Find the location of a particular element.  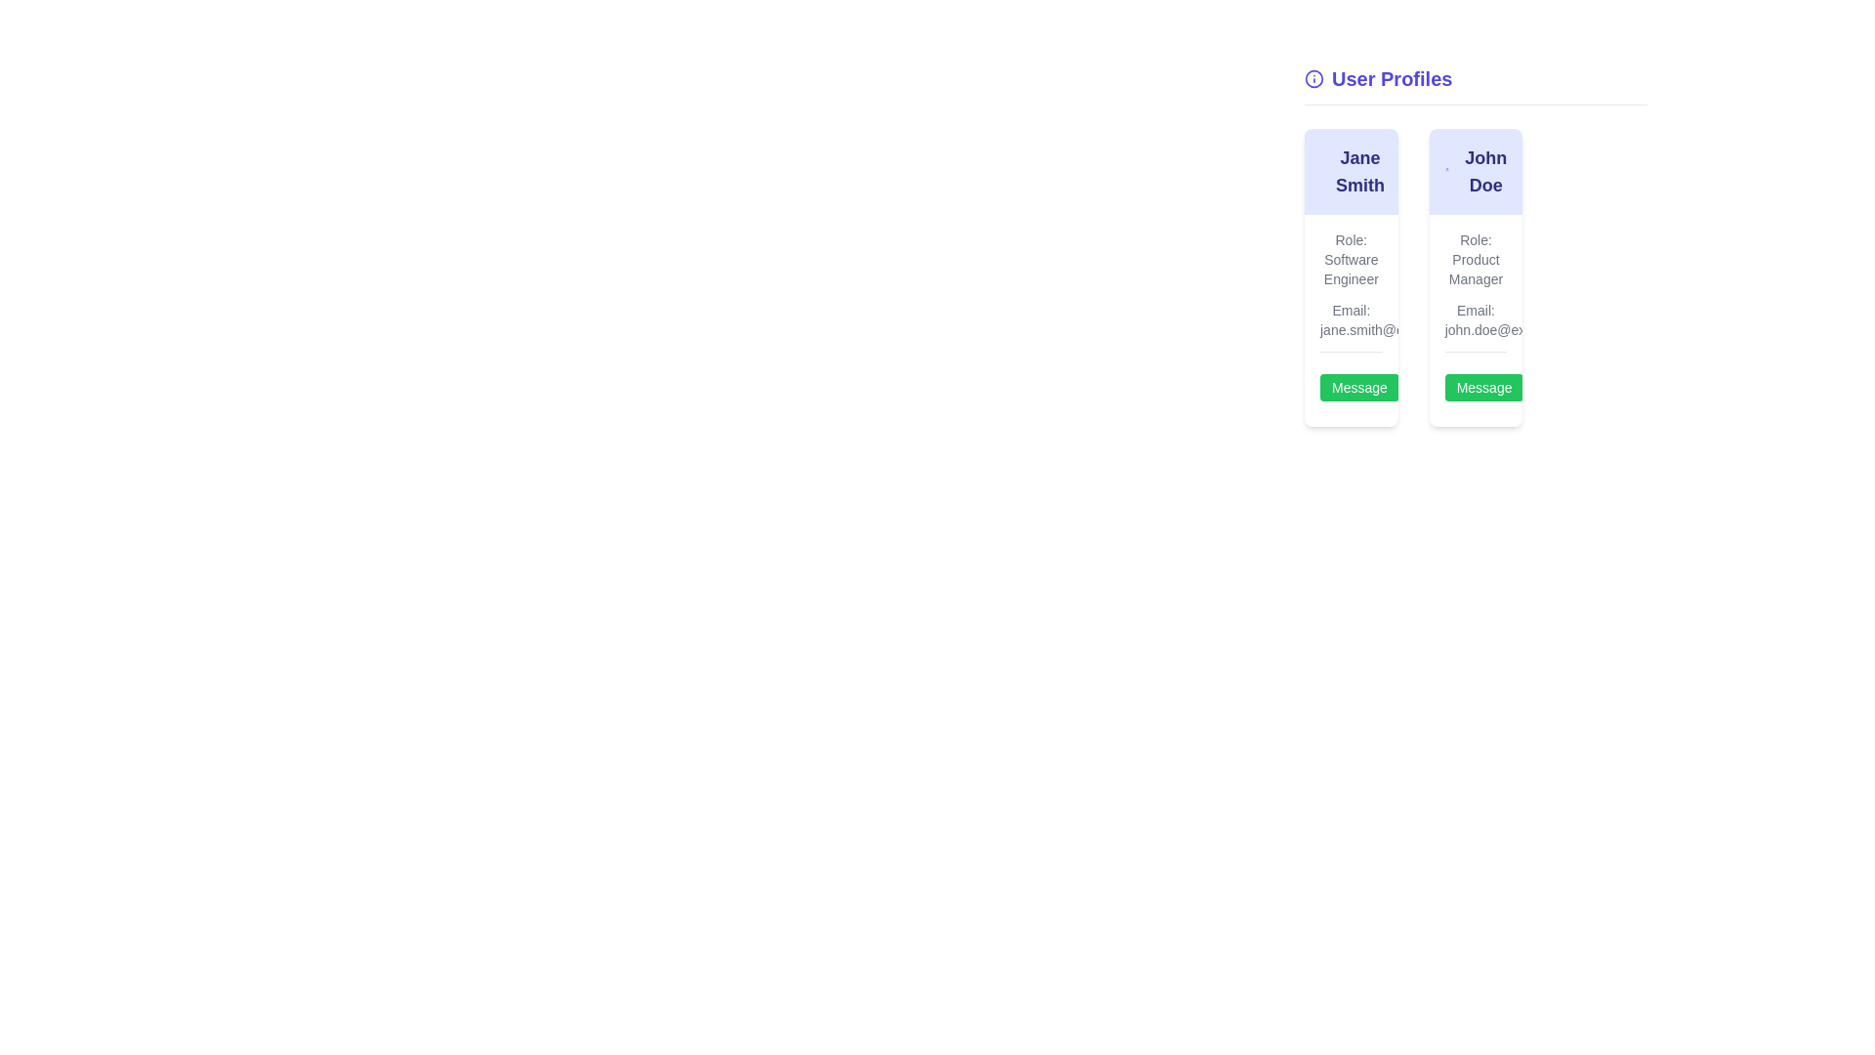

the static text label displaying 'Role: Software Engineer' located inside the profile card for 'Jane Smith' in the 'User Profiles' section is located at coordinates (1350, 259).